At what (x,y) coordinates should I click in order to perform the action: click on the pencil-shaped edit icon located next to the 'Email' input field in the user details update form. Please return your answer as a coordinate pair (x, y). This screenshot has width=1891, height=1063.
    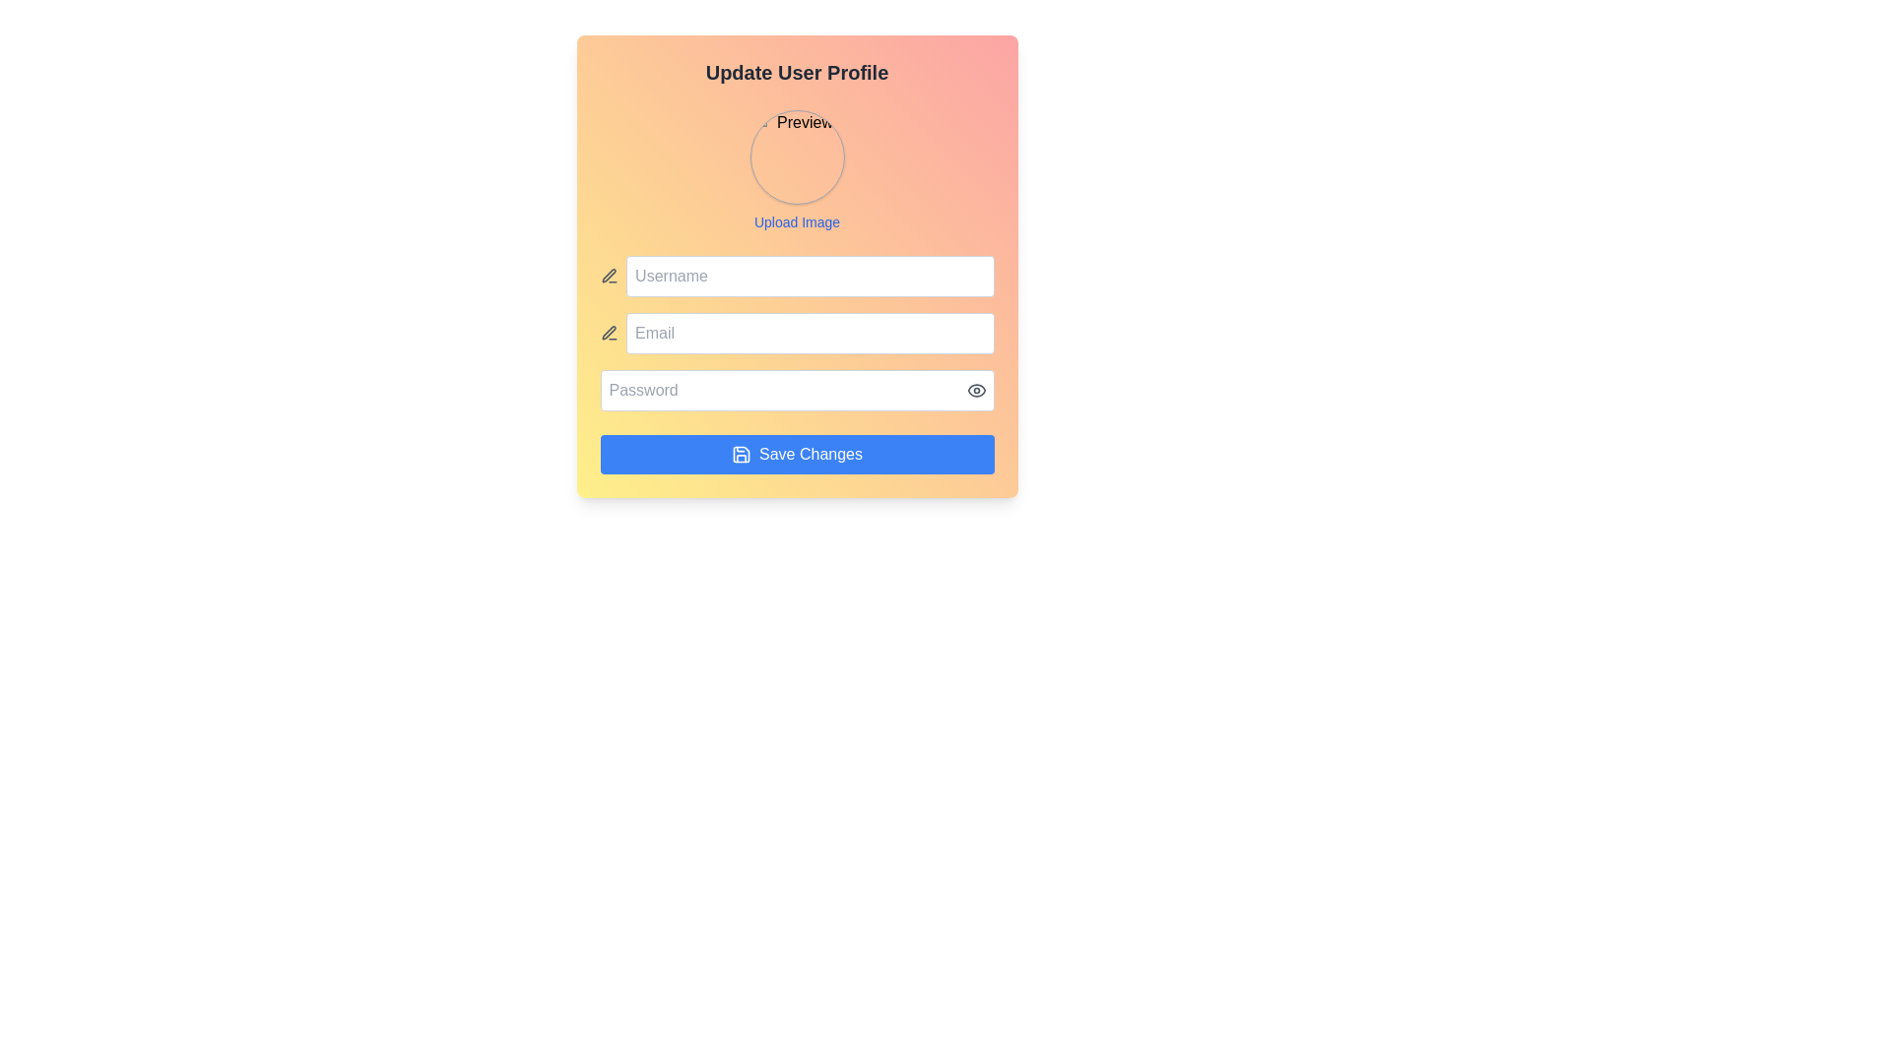
    Looking at the image, I should click on (608, 276).